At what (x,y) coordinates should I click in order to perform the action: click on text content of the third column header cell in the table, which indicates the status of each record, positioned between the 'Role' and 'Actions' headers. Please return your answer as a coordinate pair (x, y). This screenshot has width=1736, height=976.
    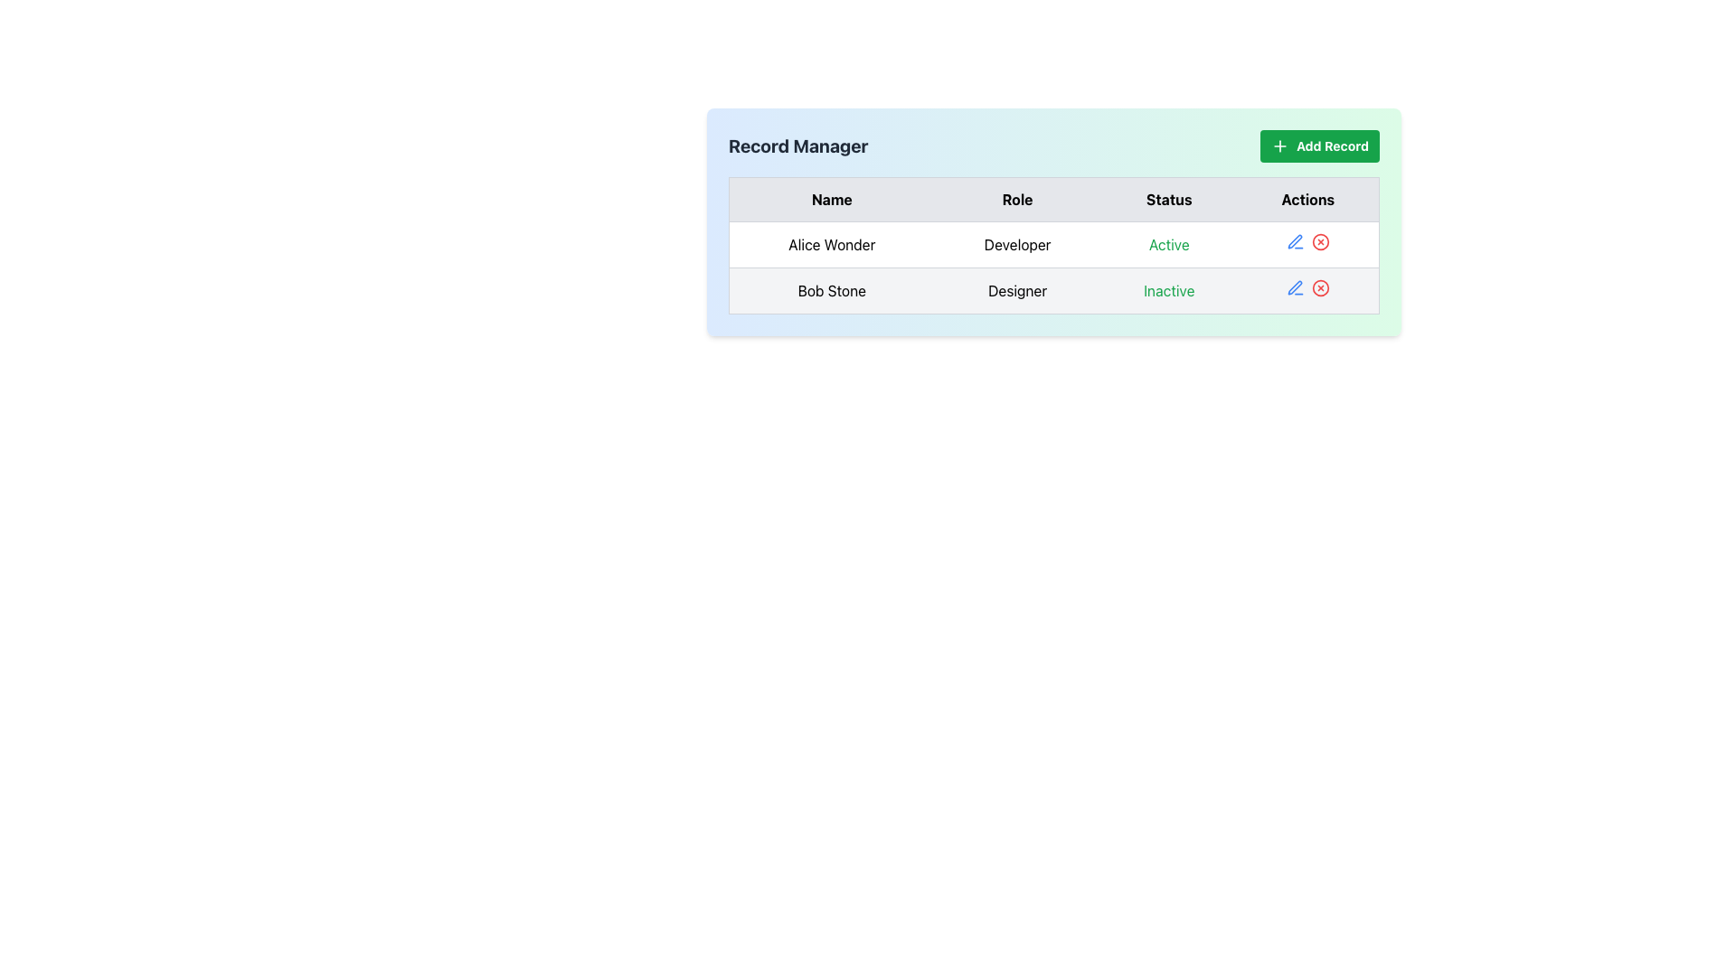
    Looking at the image, I should click on (1169, 199).